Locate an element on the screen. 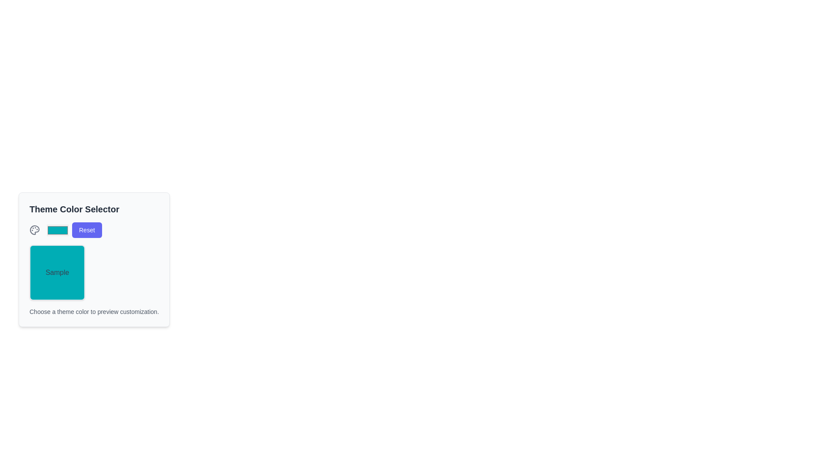  the Color Picker Input within the 'Theme Color Selector' group is located at coordinates (57, 229).